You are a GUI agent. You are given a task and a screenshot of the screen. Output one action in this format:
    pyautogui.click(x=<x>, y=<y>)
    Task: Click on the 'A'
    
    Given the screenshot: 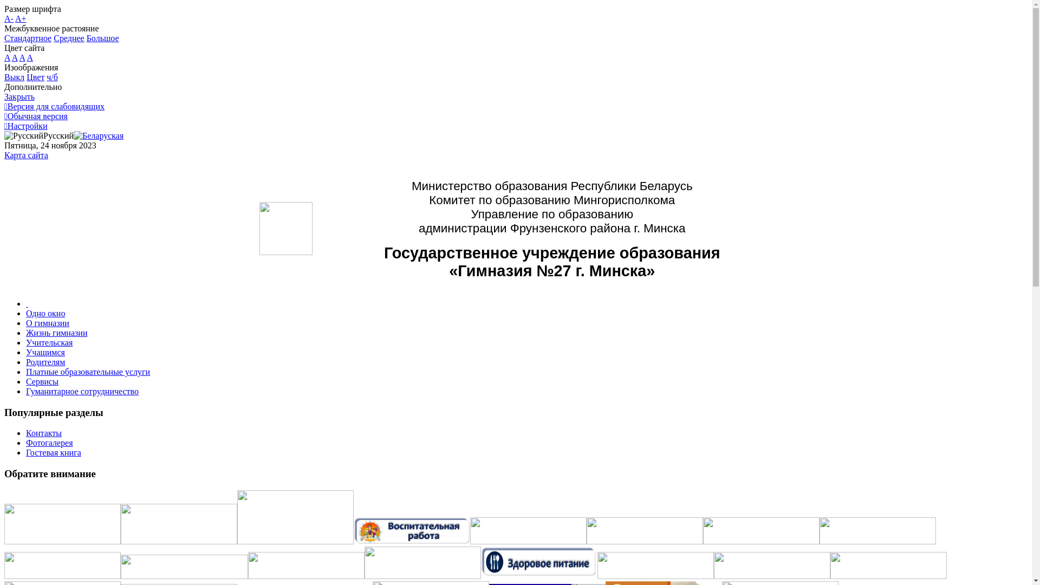 What is the action you would take?
    pyautogui.click(x=15, y=57)
    